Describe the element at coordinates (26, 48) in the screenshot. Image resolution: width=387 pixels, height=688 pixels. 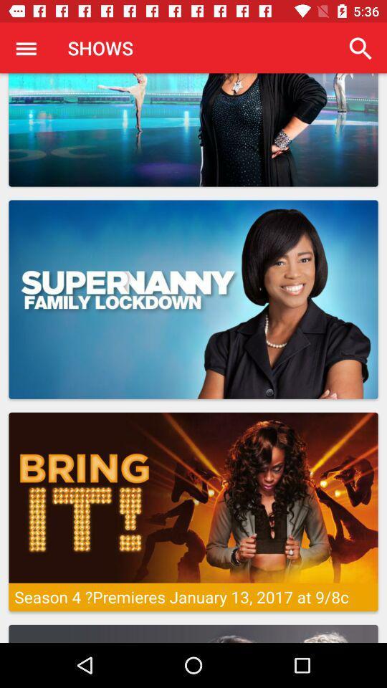
I see `the item to the left of shows` at that location.